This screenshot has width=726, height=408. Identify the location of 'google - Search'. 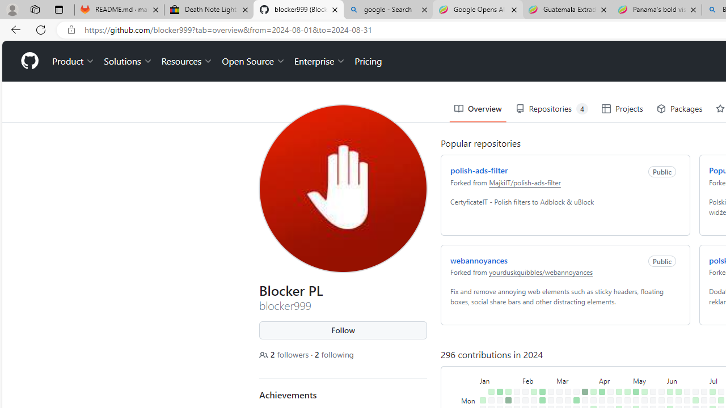
(388, 10).